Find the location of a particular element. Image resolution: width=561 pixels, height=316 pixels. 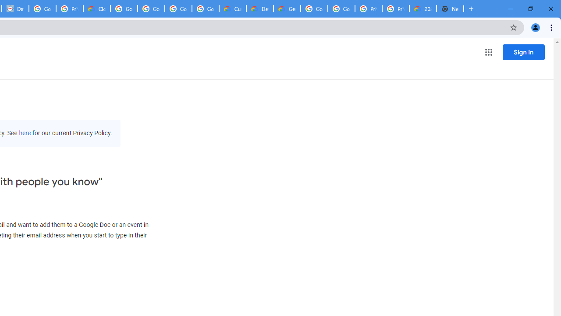

'here' is located at coordinates (25, 133).